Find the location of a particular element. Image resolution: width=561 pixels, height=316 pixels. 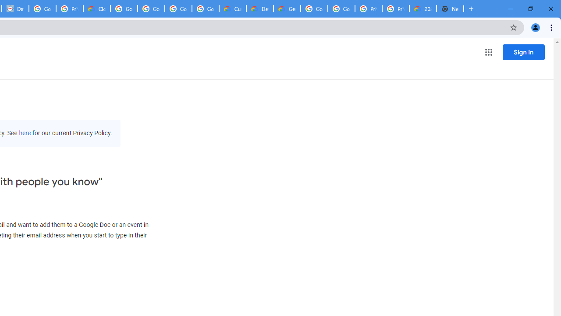

'here' is located at coordinates (25, 133).